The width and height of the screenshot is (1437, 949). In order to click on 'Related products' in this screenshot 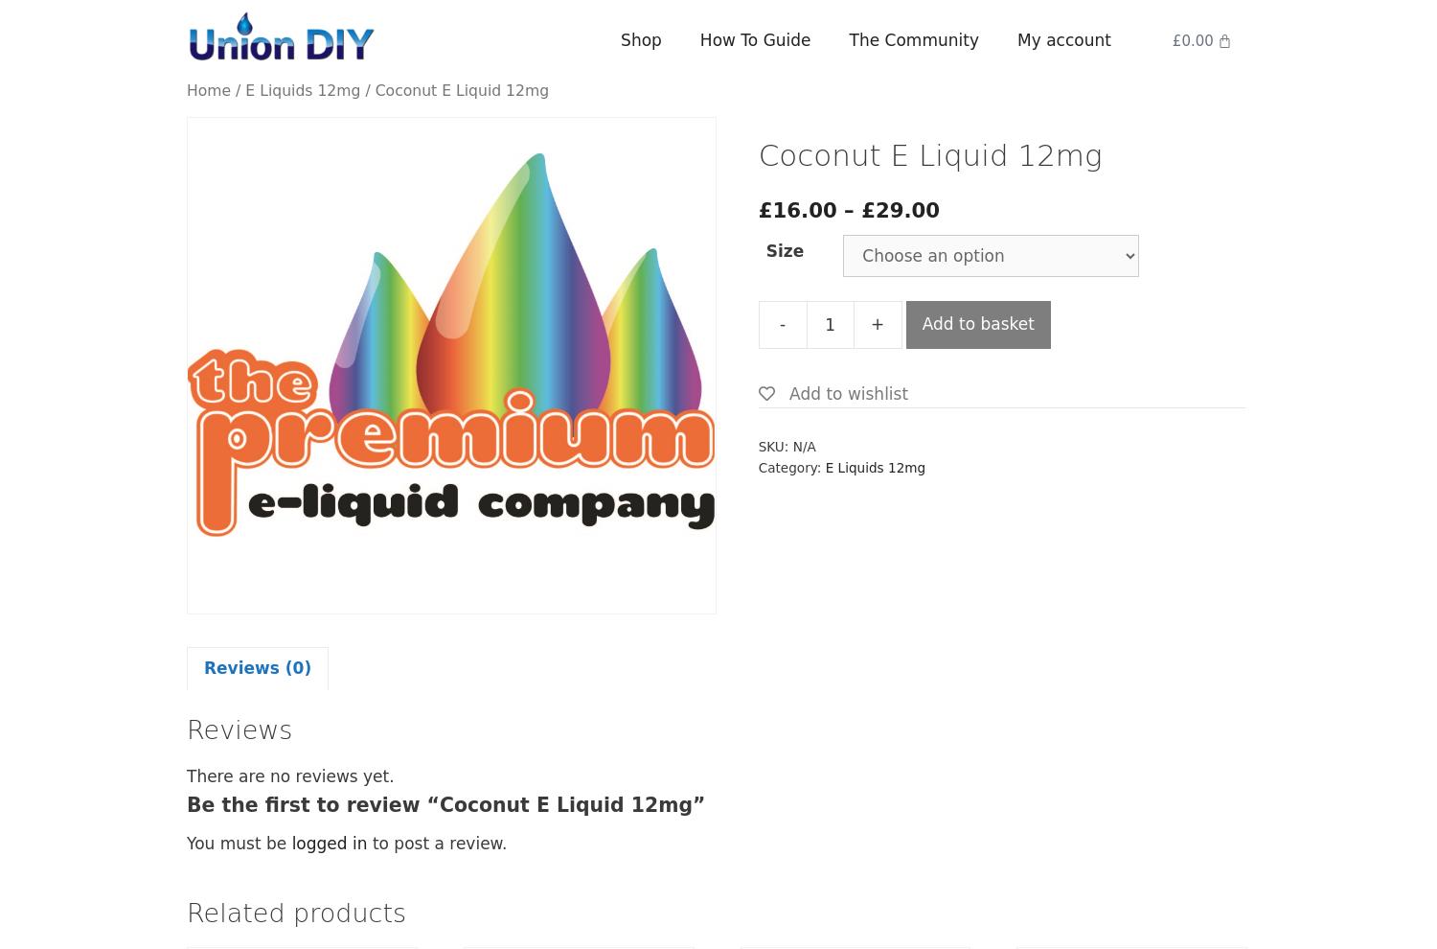, I will do `click(296, 913)`.